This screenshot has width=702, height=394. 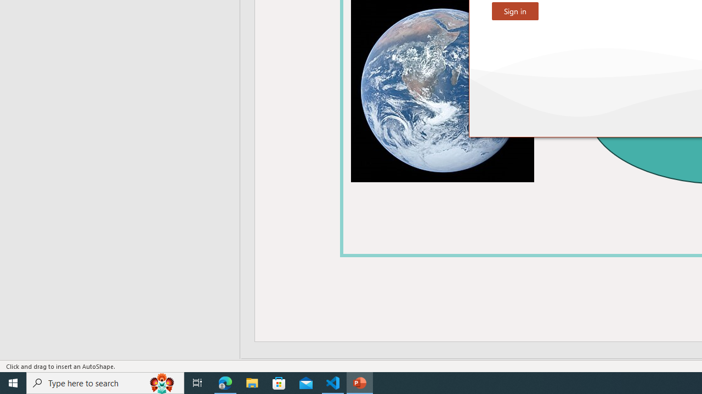 I want to click on 'Microsoft Edge - 1 running window', so click(x=225, y=382).